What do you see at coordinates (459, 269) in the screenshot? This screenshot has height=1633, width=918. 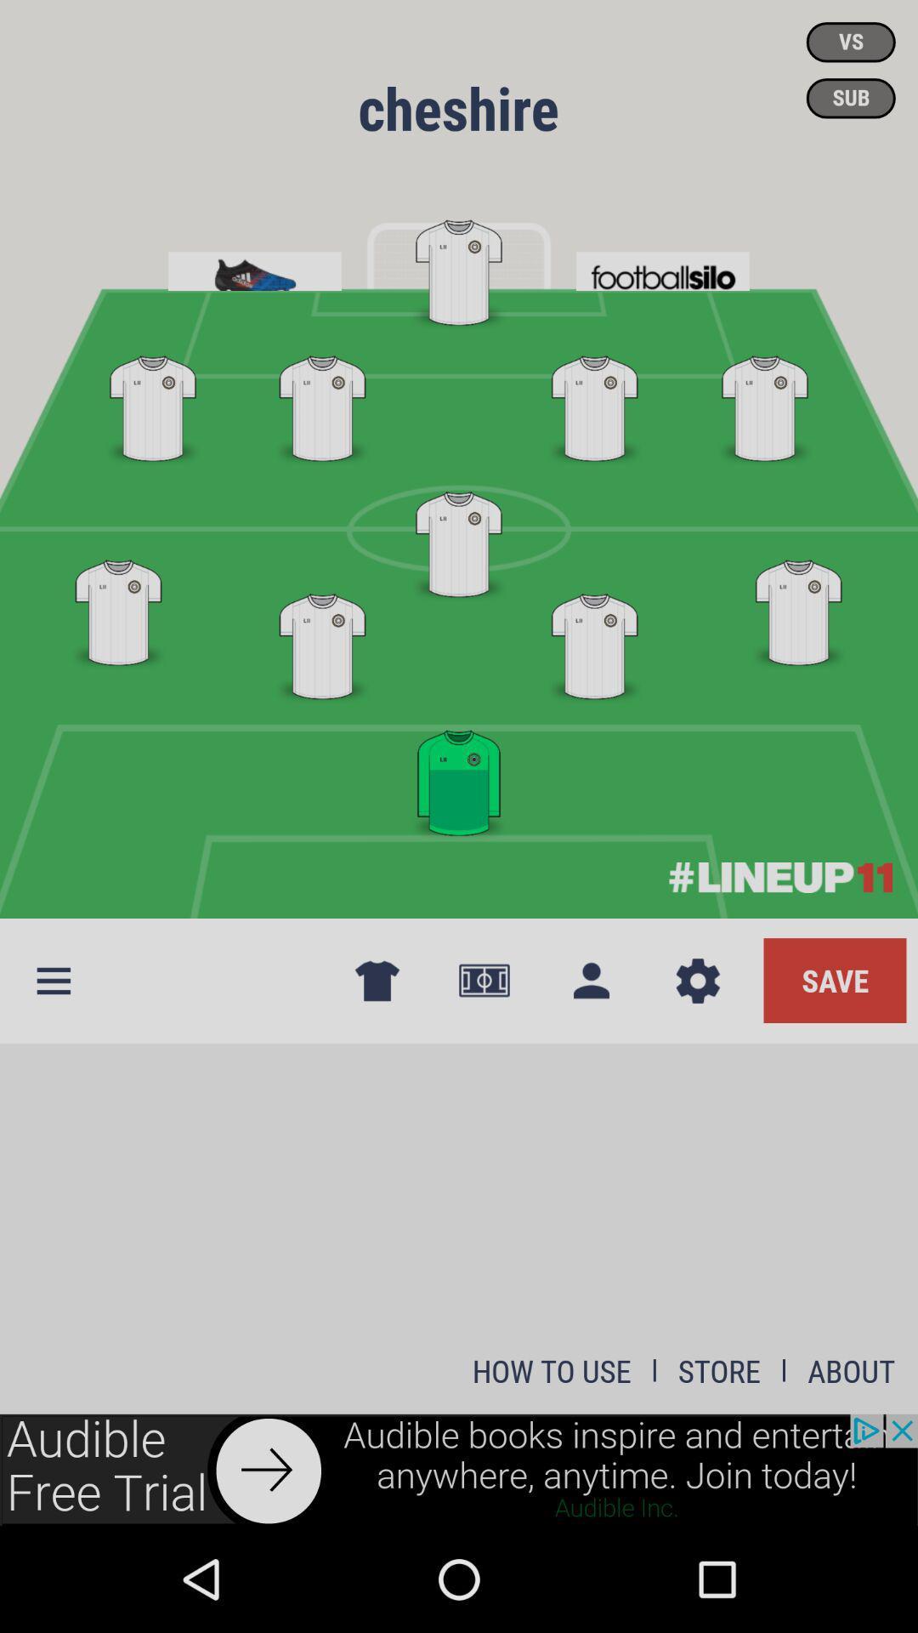 I see `improper tagging` at bounding box center [459, 269].